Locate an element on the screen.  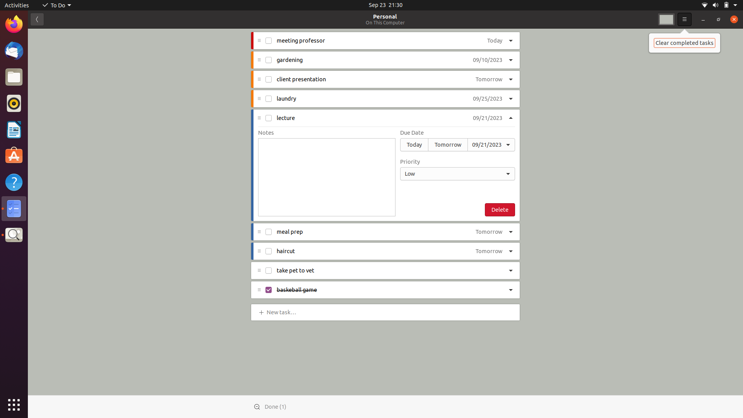
Increase the "meal prep" task priority to high is located at coordinates (512, 231).